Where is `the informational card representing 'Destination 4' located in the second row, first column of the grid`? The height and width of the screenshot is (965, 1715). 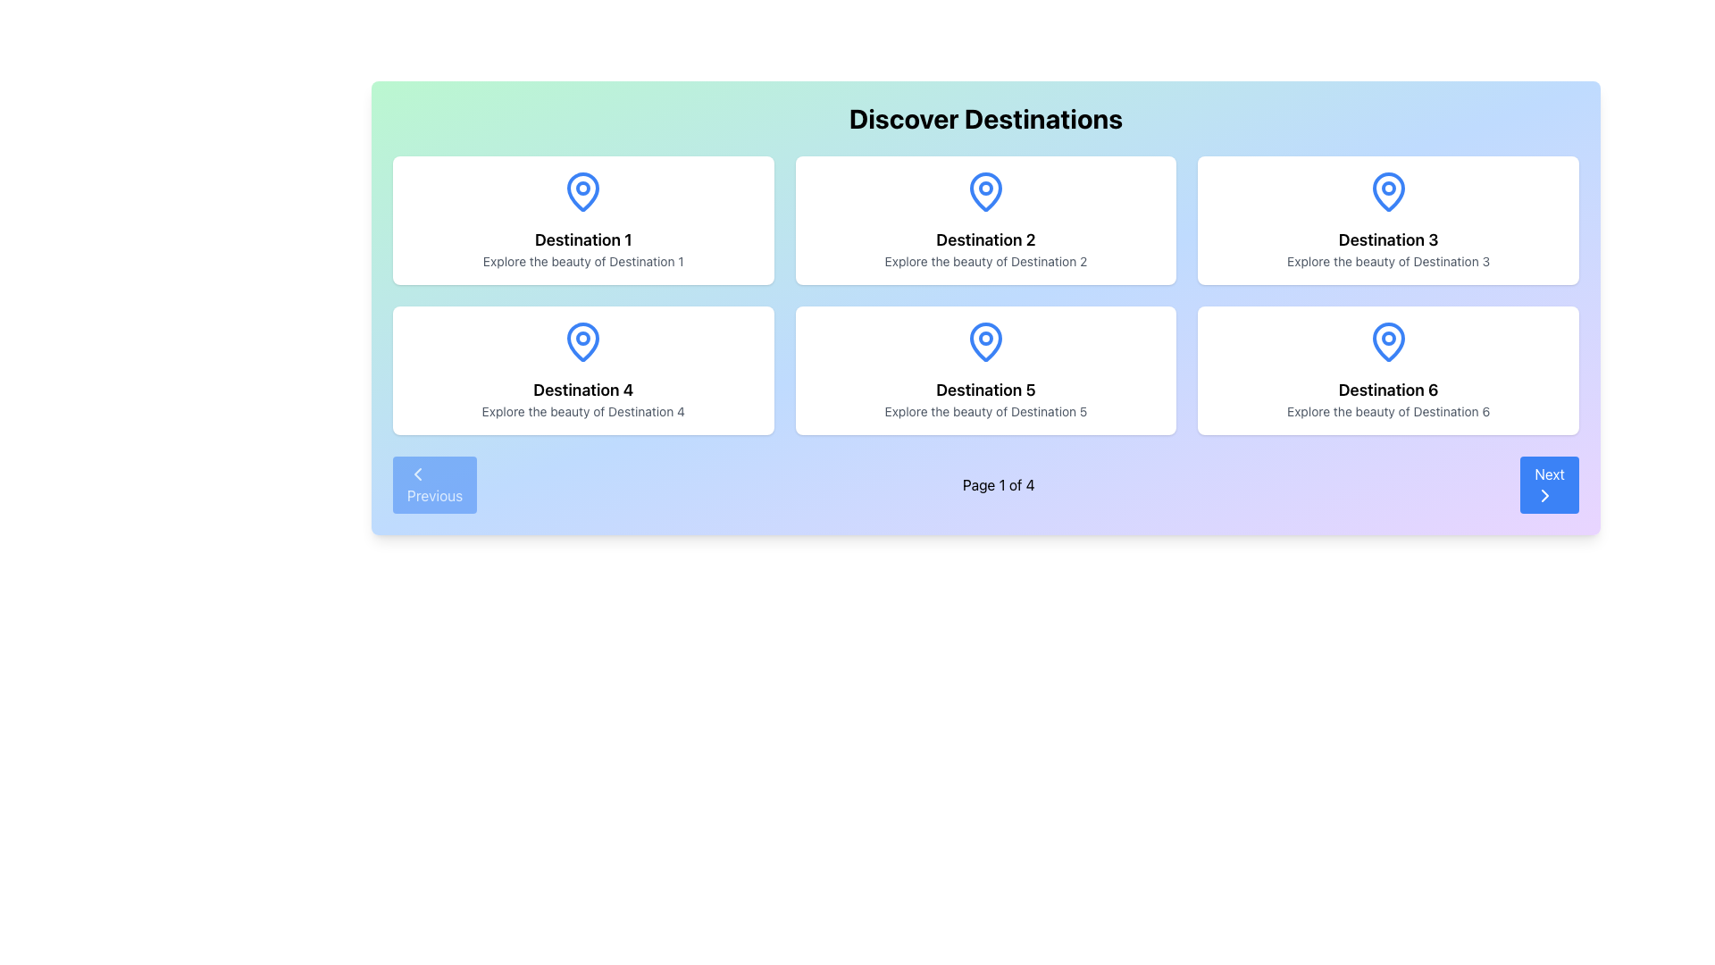
the informational card representing 'Destination 4' located in the second row, first column of the grid is located at coordinates (583, 370).